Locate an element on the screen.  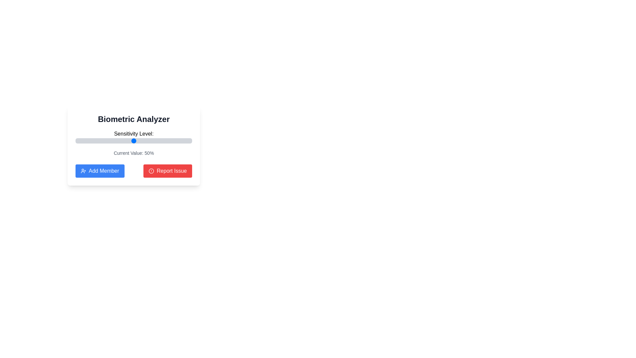
the sensitivity level is located at coordinates (78, 140).